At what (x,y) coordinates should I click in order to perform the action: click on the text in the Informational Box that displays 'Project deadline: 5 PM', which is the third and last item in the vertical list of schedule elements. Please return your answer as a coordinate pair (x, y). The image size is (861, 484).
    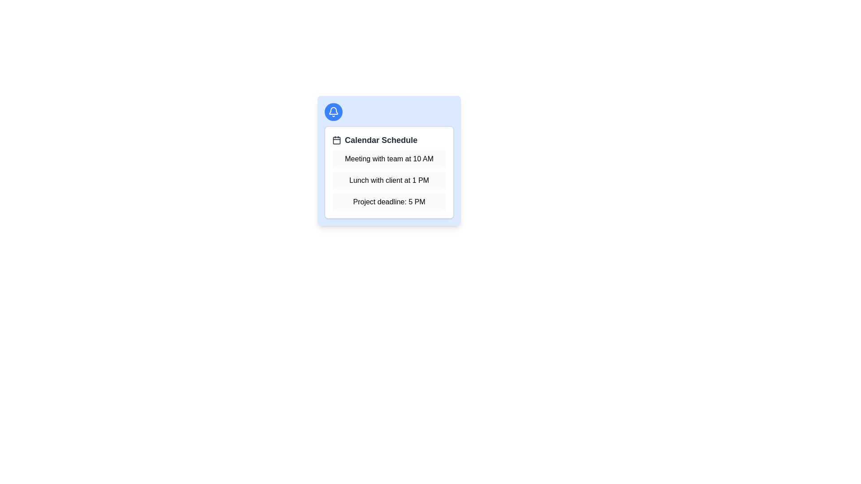
    Looking at the image, I should click on (389, 202).